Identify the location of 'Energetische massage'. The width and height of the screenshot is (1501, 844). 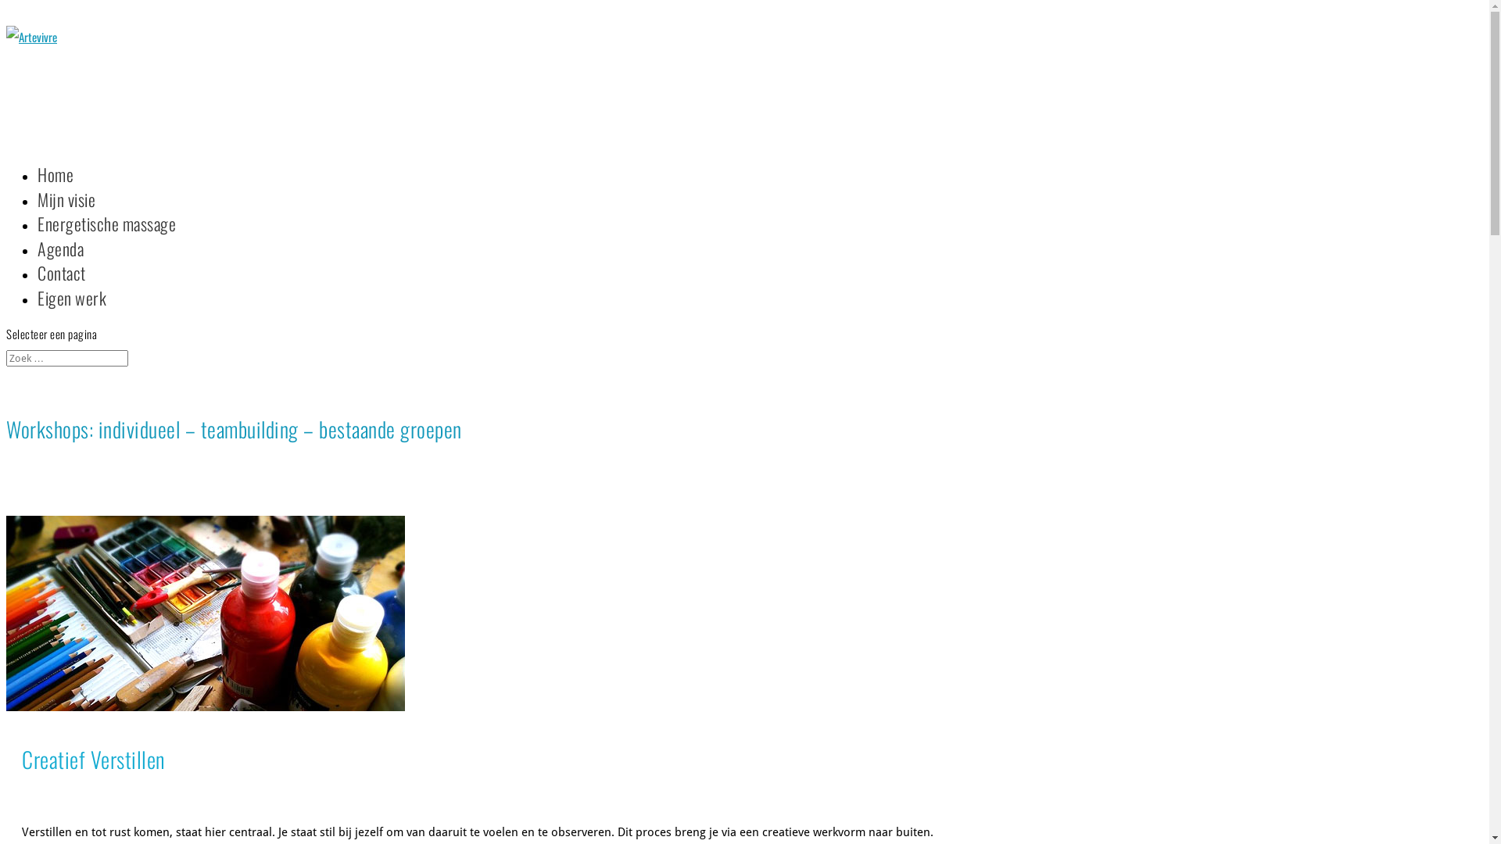
(106, 241).